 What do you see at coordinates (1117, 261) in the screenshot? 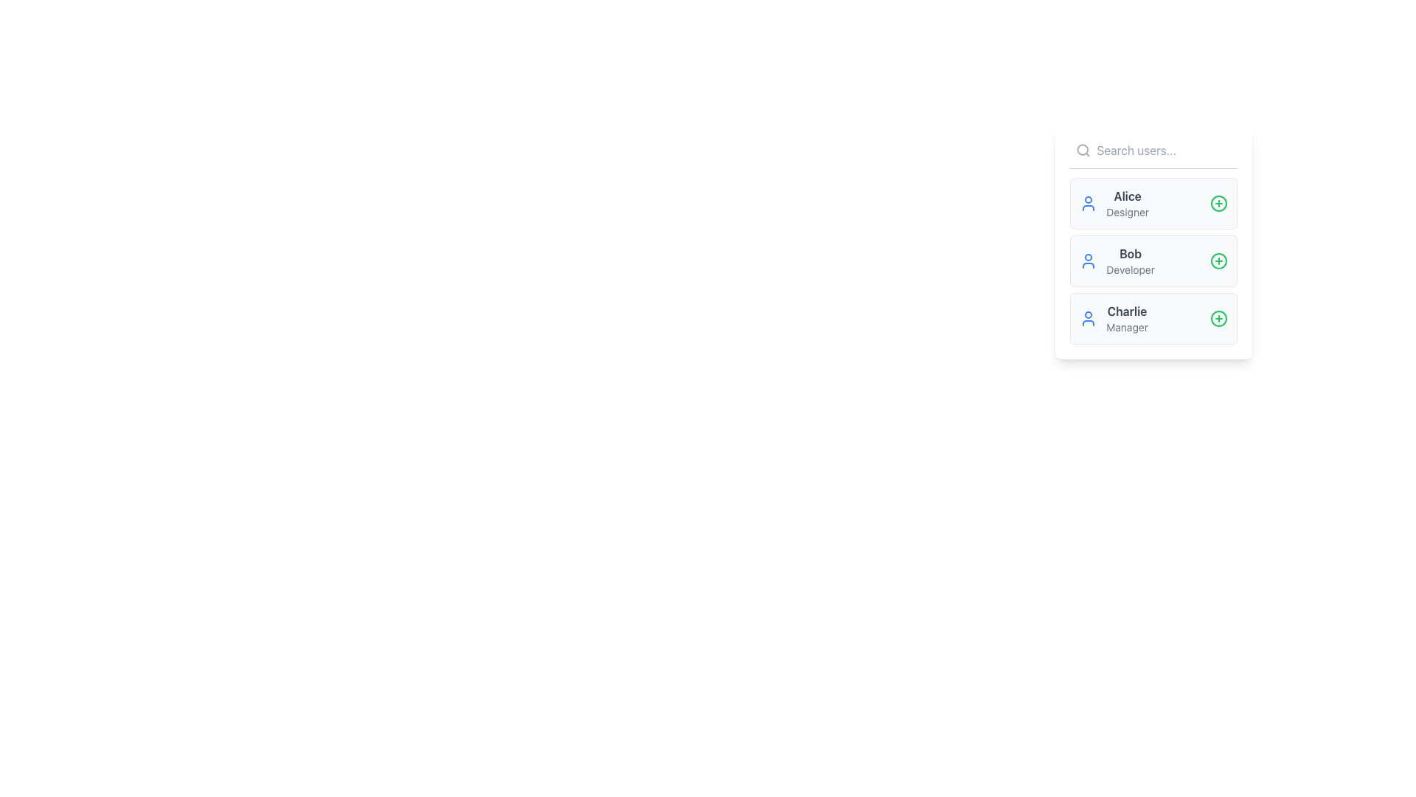
I see `the User Information Card for user 'Bob', the second card in the list of user profiles, which represents a Developer` at bounding box center [1117, 261].